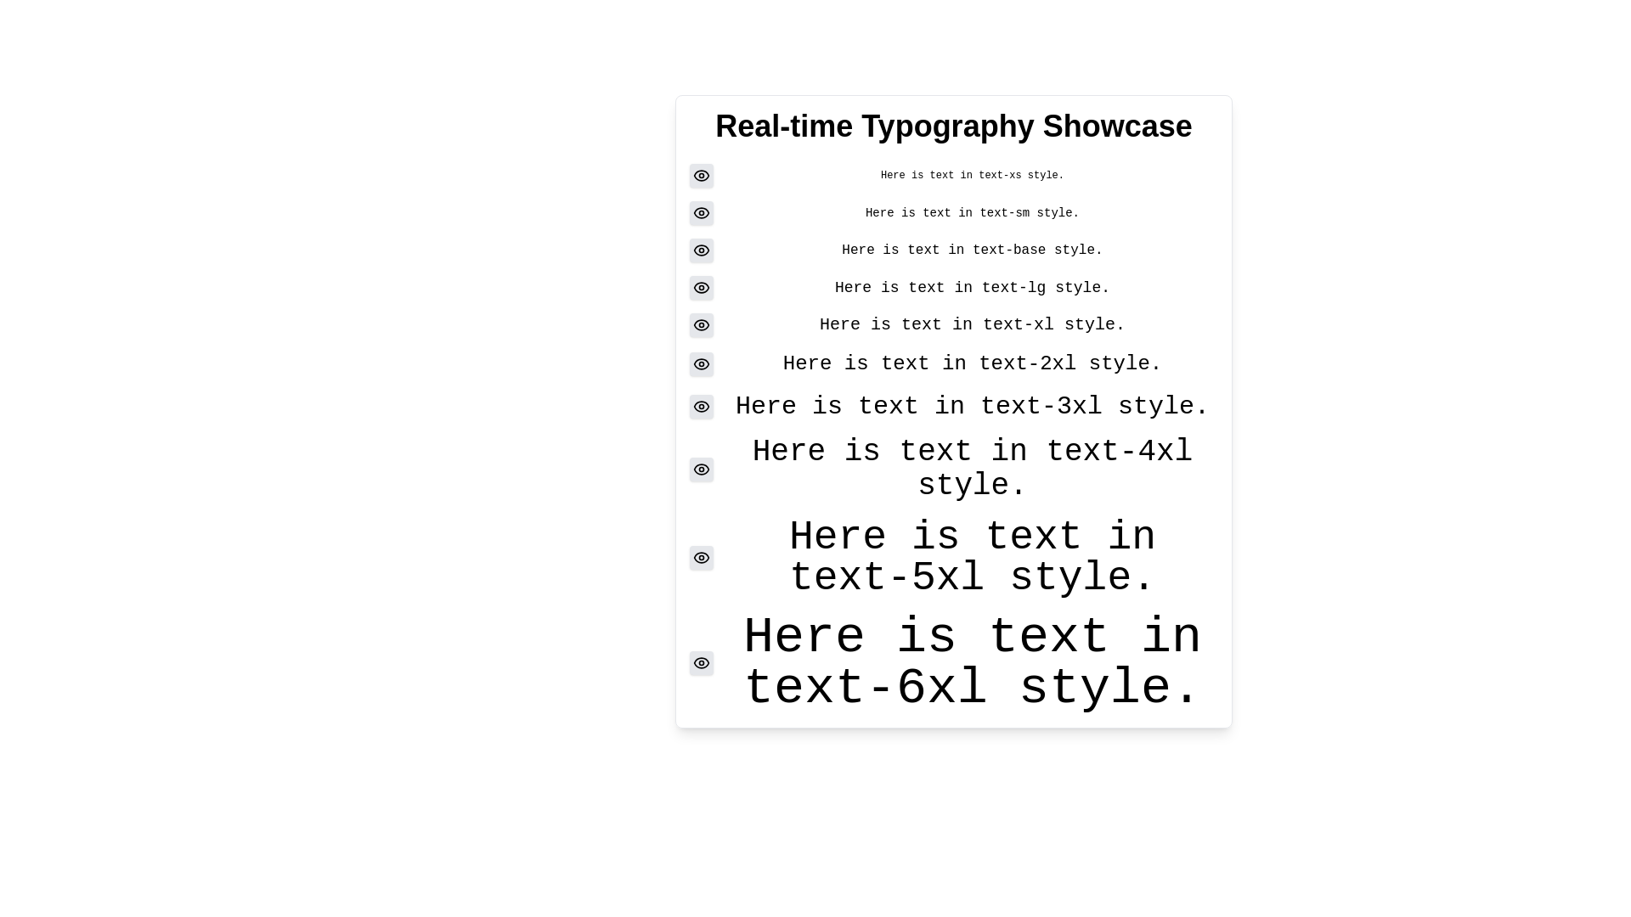  Describe the element at coordinates (701, 557) in the screenshot. I see `the eye-like icon used to toggle visibility or preview content associated with the adjacent text styled in 'text-4xl'` at that location.